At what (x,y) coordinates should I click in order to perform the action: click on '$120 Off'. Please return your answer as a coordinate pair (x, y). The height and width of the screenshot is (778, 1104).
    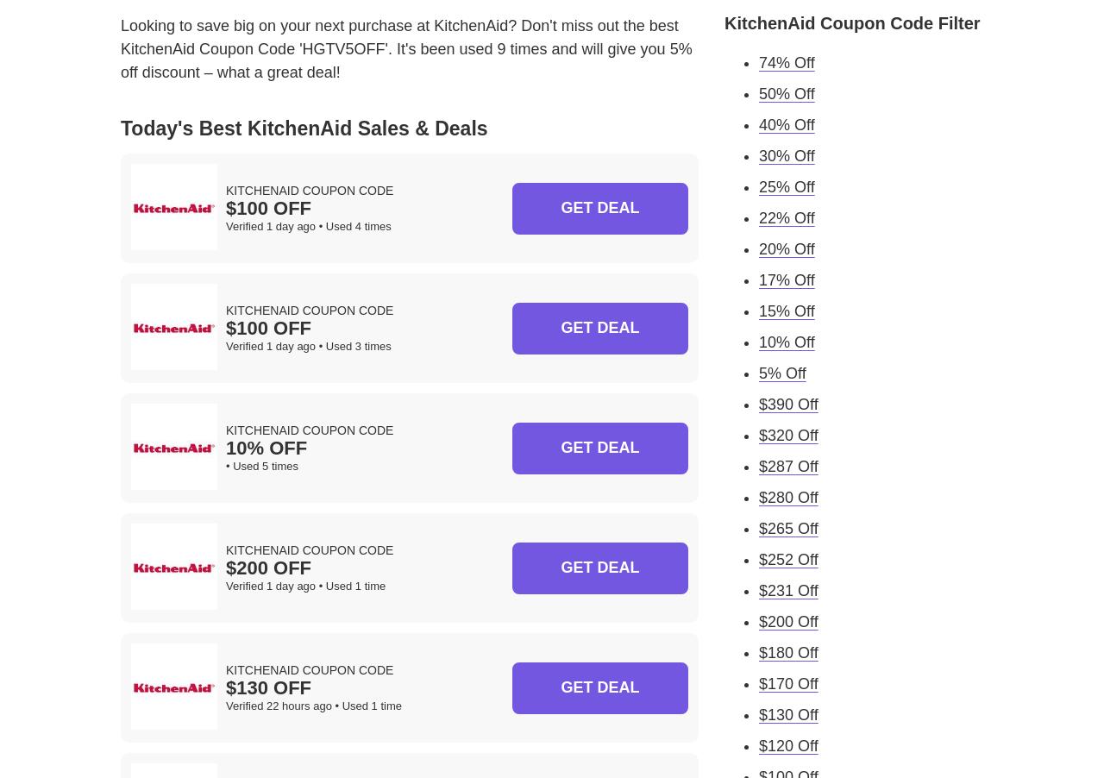
    Looking at the image, I should click on (759, 745).